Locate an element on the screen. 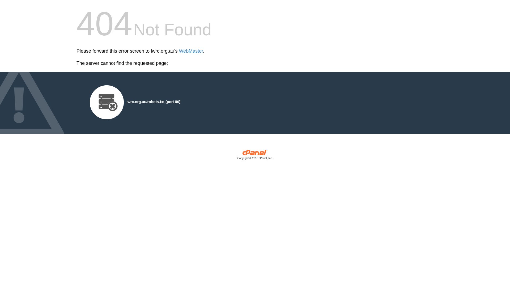 The image size is (510, 287). 'WebMaster' is located at coordinates (179, 51).